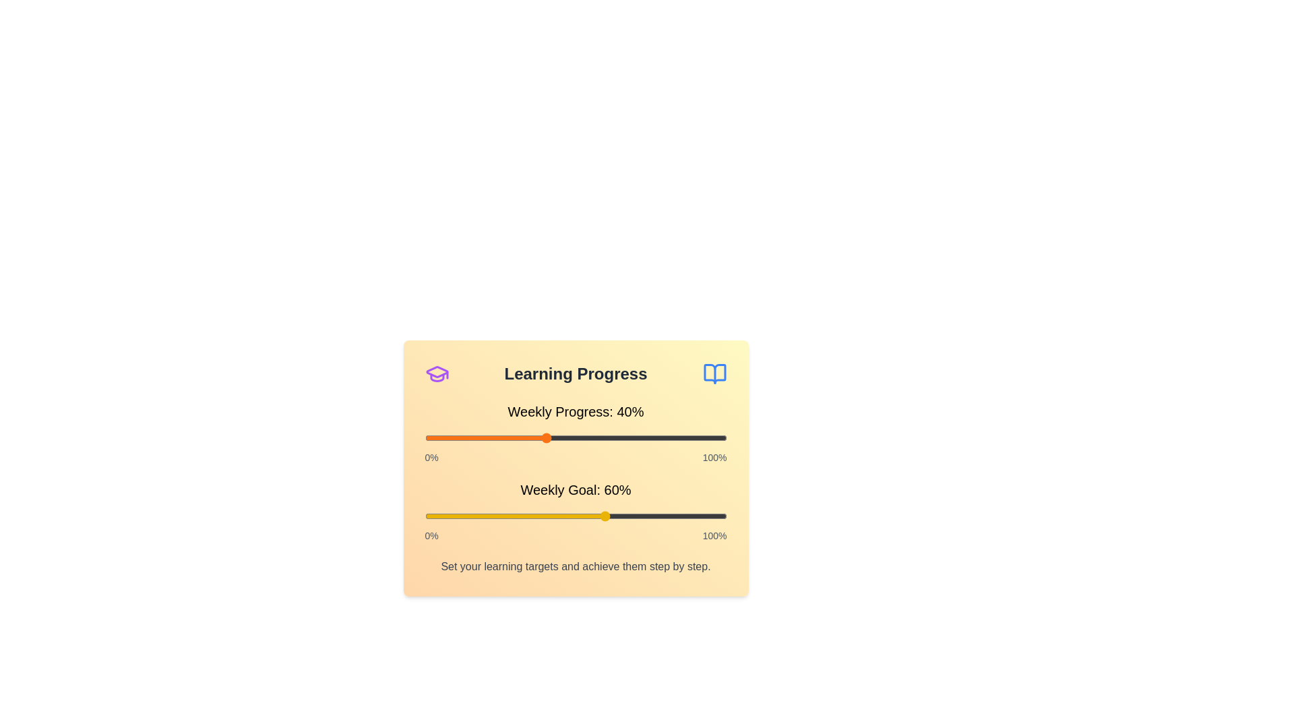 The image size is (1294, 728). Describe the element at coordinates (499, 516) in the screenshot. I see `the 'Weekly Goal' slider to 25%` at that location.